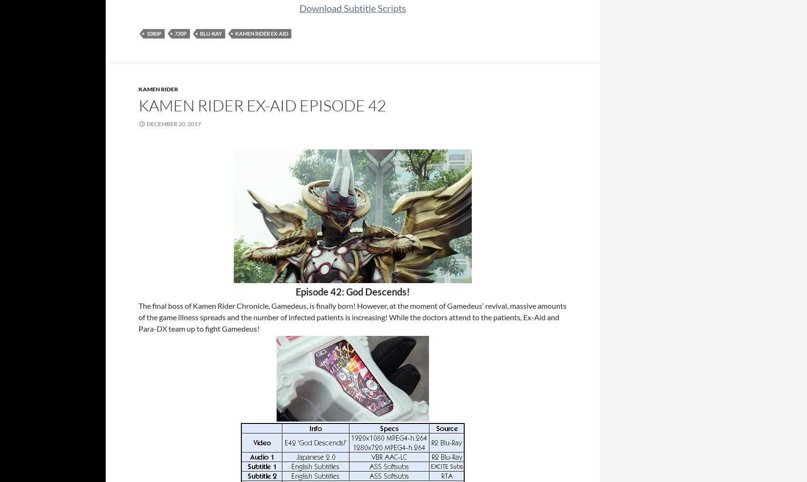  Describe the element at coordinates (173, 123) in the screenshot. I see `'December 20, 2017'` at that location.